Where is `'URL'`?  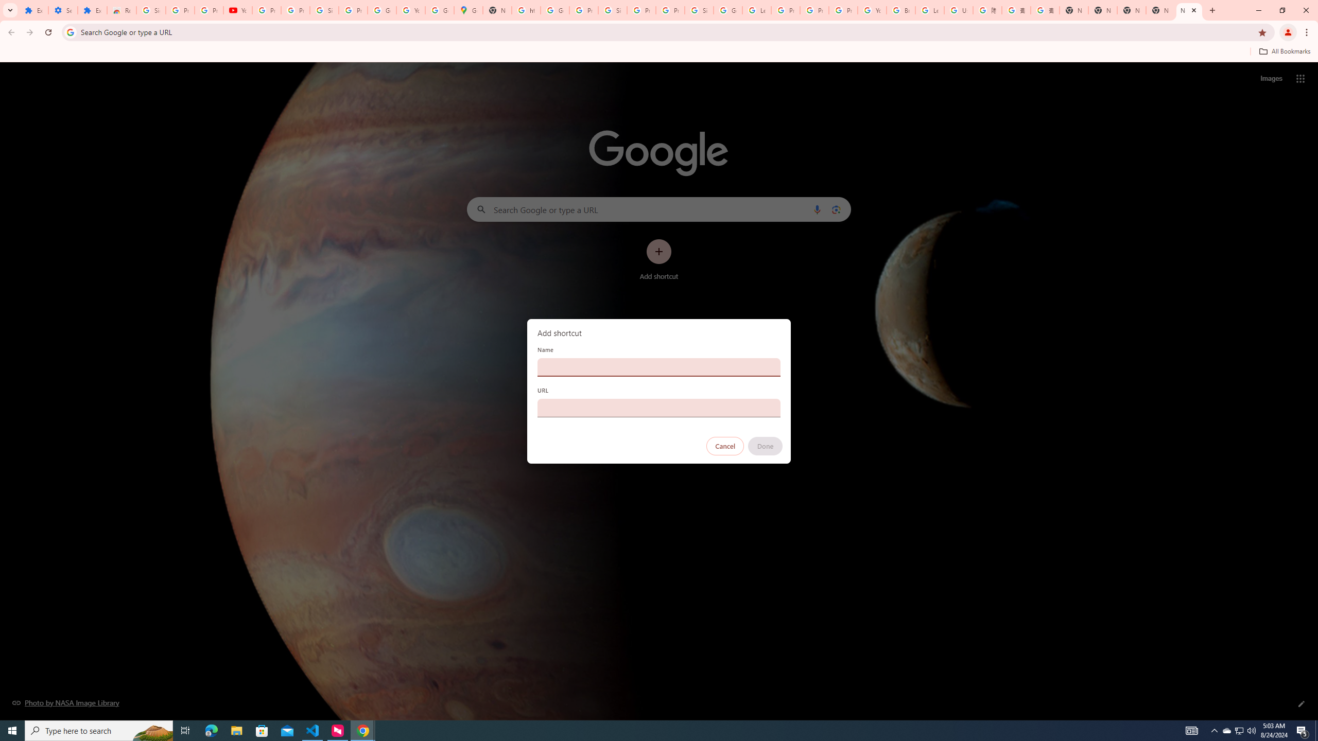 'URL' is located at coordinates (659, 408).